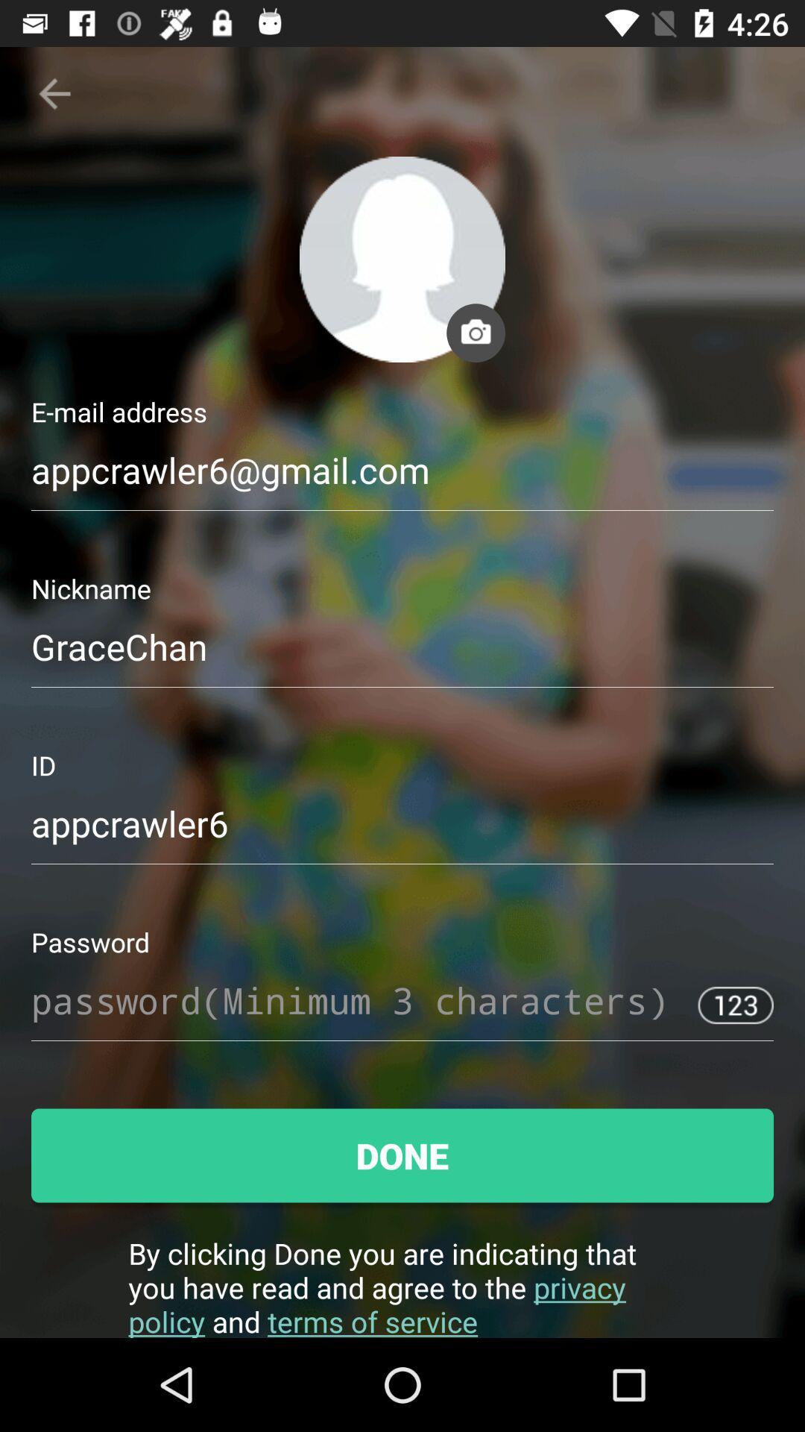  What do you see at coordinates (476, 332) in the screenshot?
I see `the photo icon` at bounding box center [476, 332].